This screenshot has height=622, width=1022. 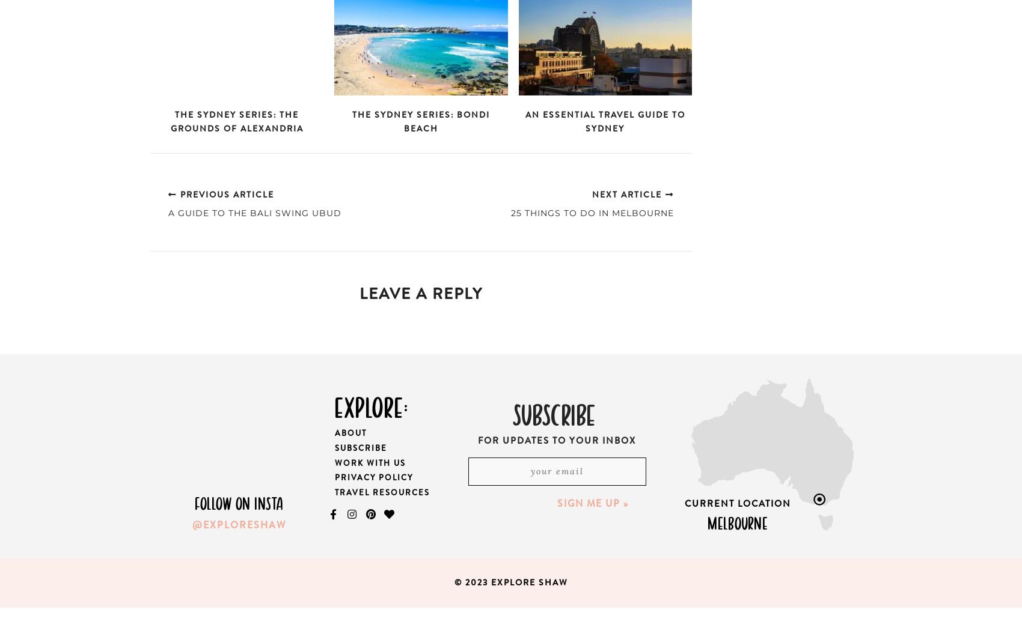 I want to click on 'The Sydney Series: The Grounds Of Alexandria', so click(x=236, y=121).